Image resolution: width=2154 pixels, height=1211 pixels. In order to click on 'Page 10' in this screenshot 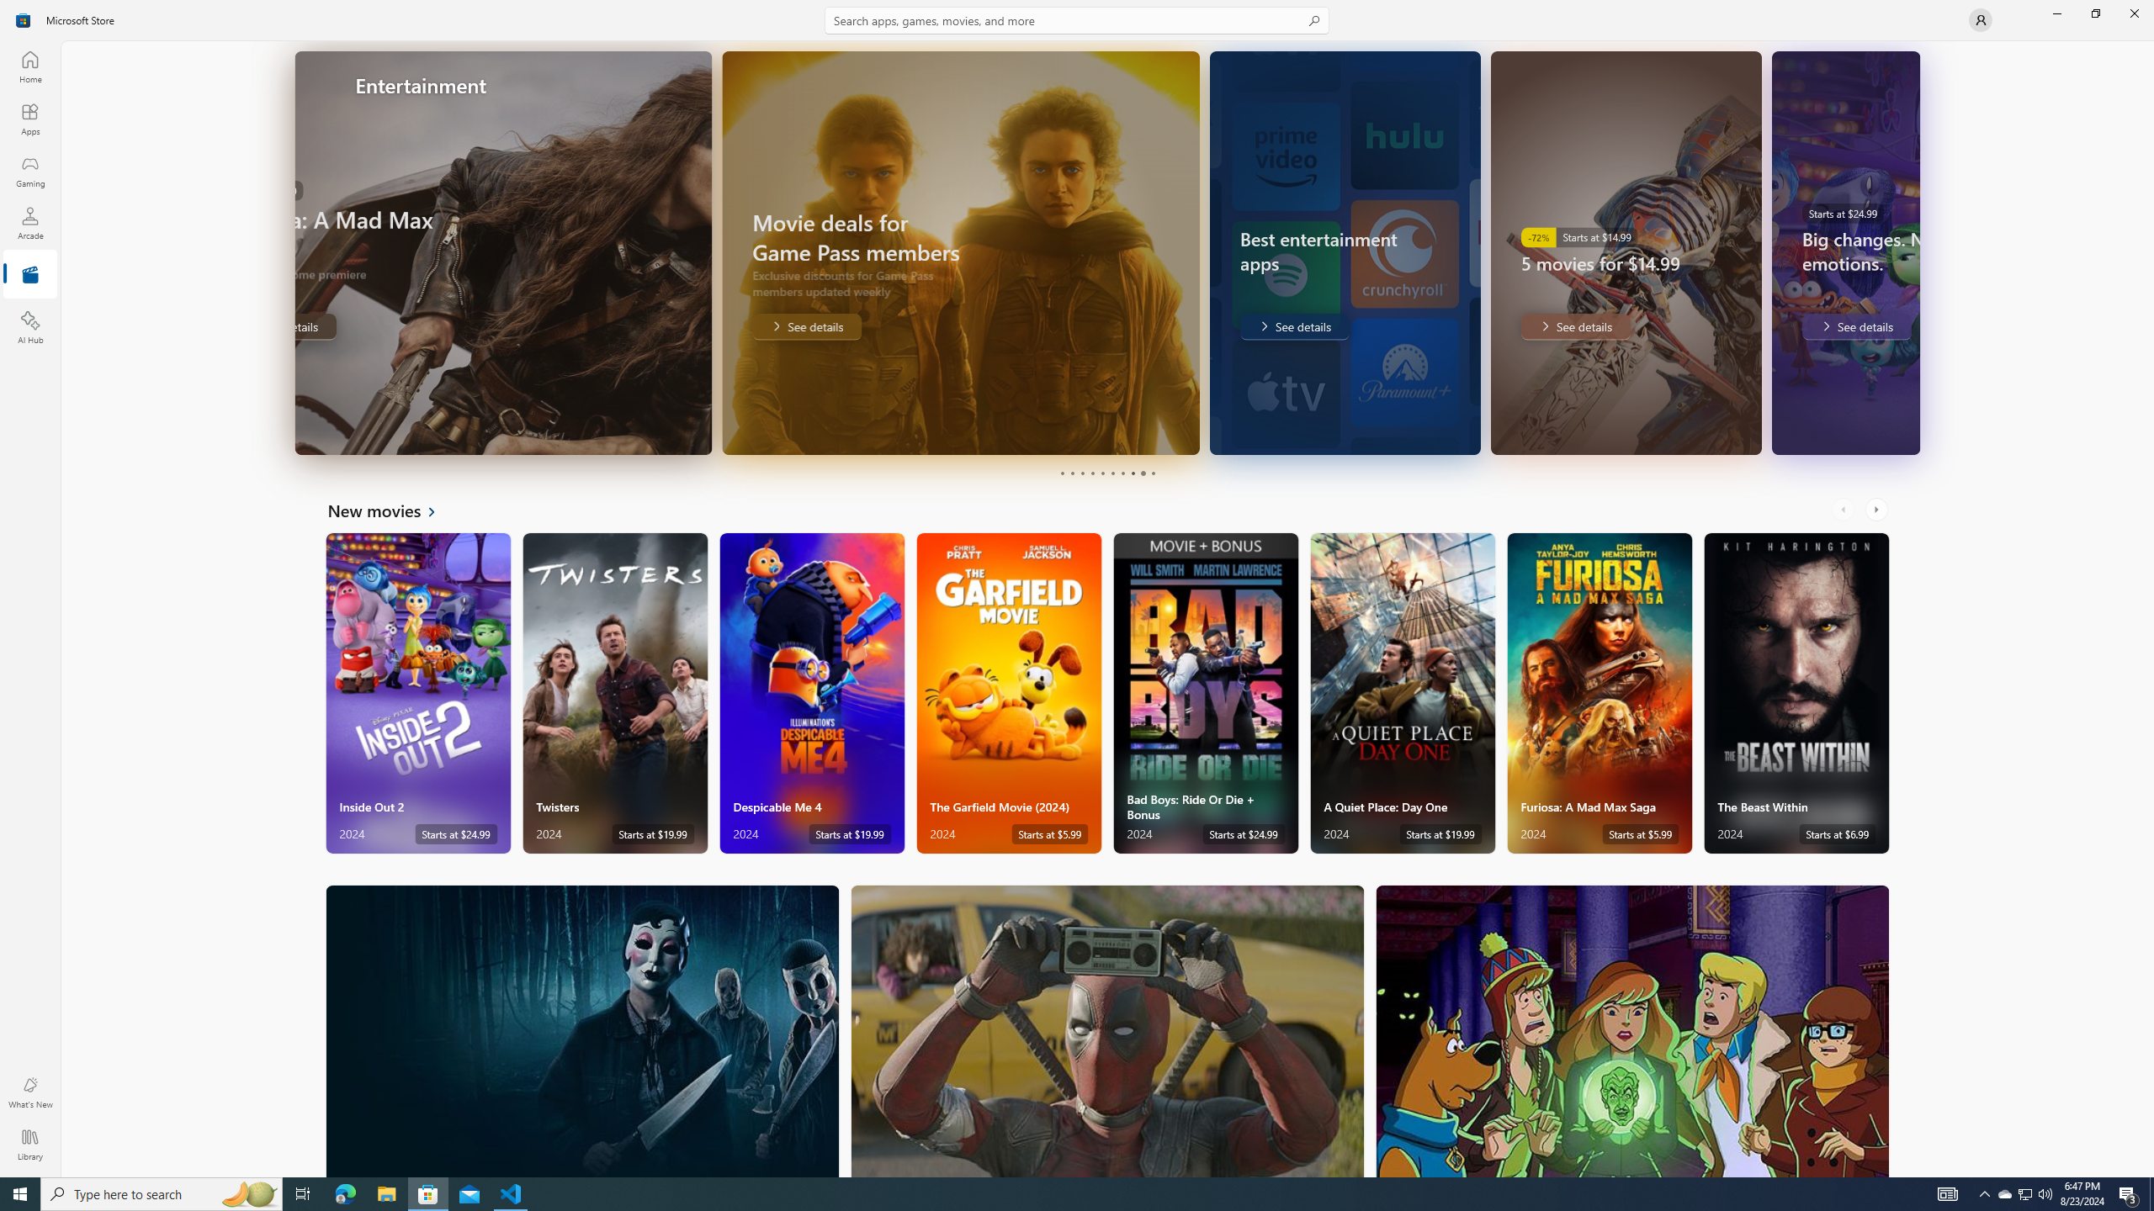, I will do `click(1152, 473)`.